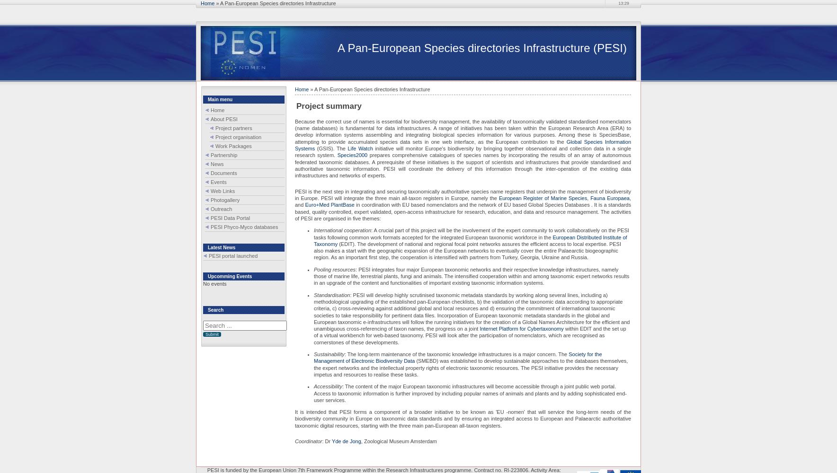 Image resolution: width=837 pixels, height=473 pixels. Describe the element at coordinates (294, 419) in the screenshot. I see `'It is intended that PESI forms a component of a broader initiative to be known as 'EU -nomen' that will service the long-term needs of the biodiversity community in Europe on taxonomic data standards and by ensuring an integrated access to European and Palaearctic authoritative taxonomic digital resources, starting with the three main pan-European all-taxon registers.'` at that location.